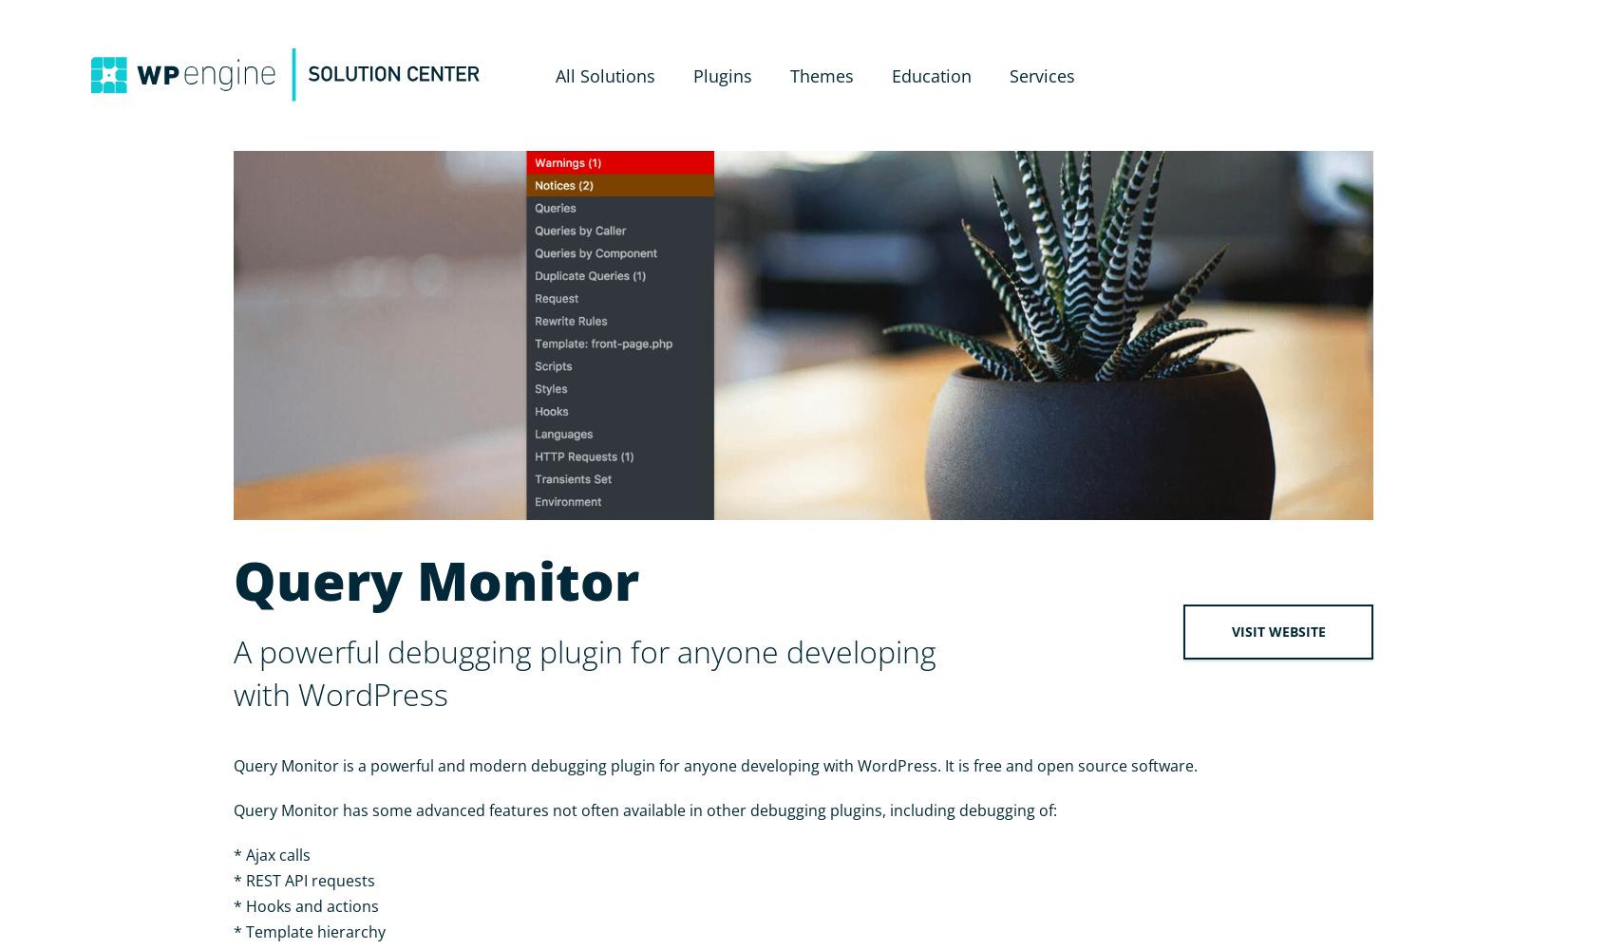 This screenshot has width=1607, height=949. Describe the element at coordinates (645, 809) in the screenshot. I see `'Query Monitor has some advanced features not often available in other debugging plugins, including debugging of:'` at that location.